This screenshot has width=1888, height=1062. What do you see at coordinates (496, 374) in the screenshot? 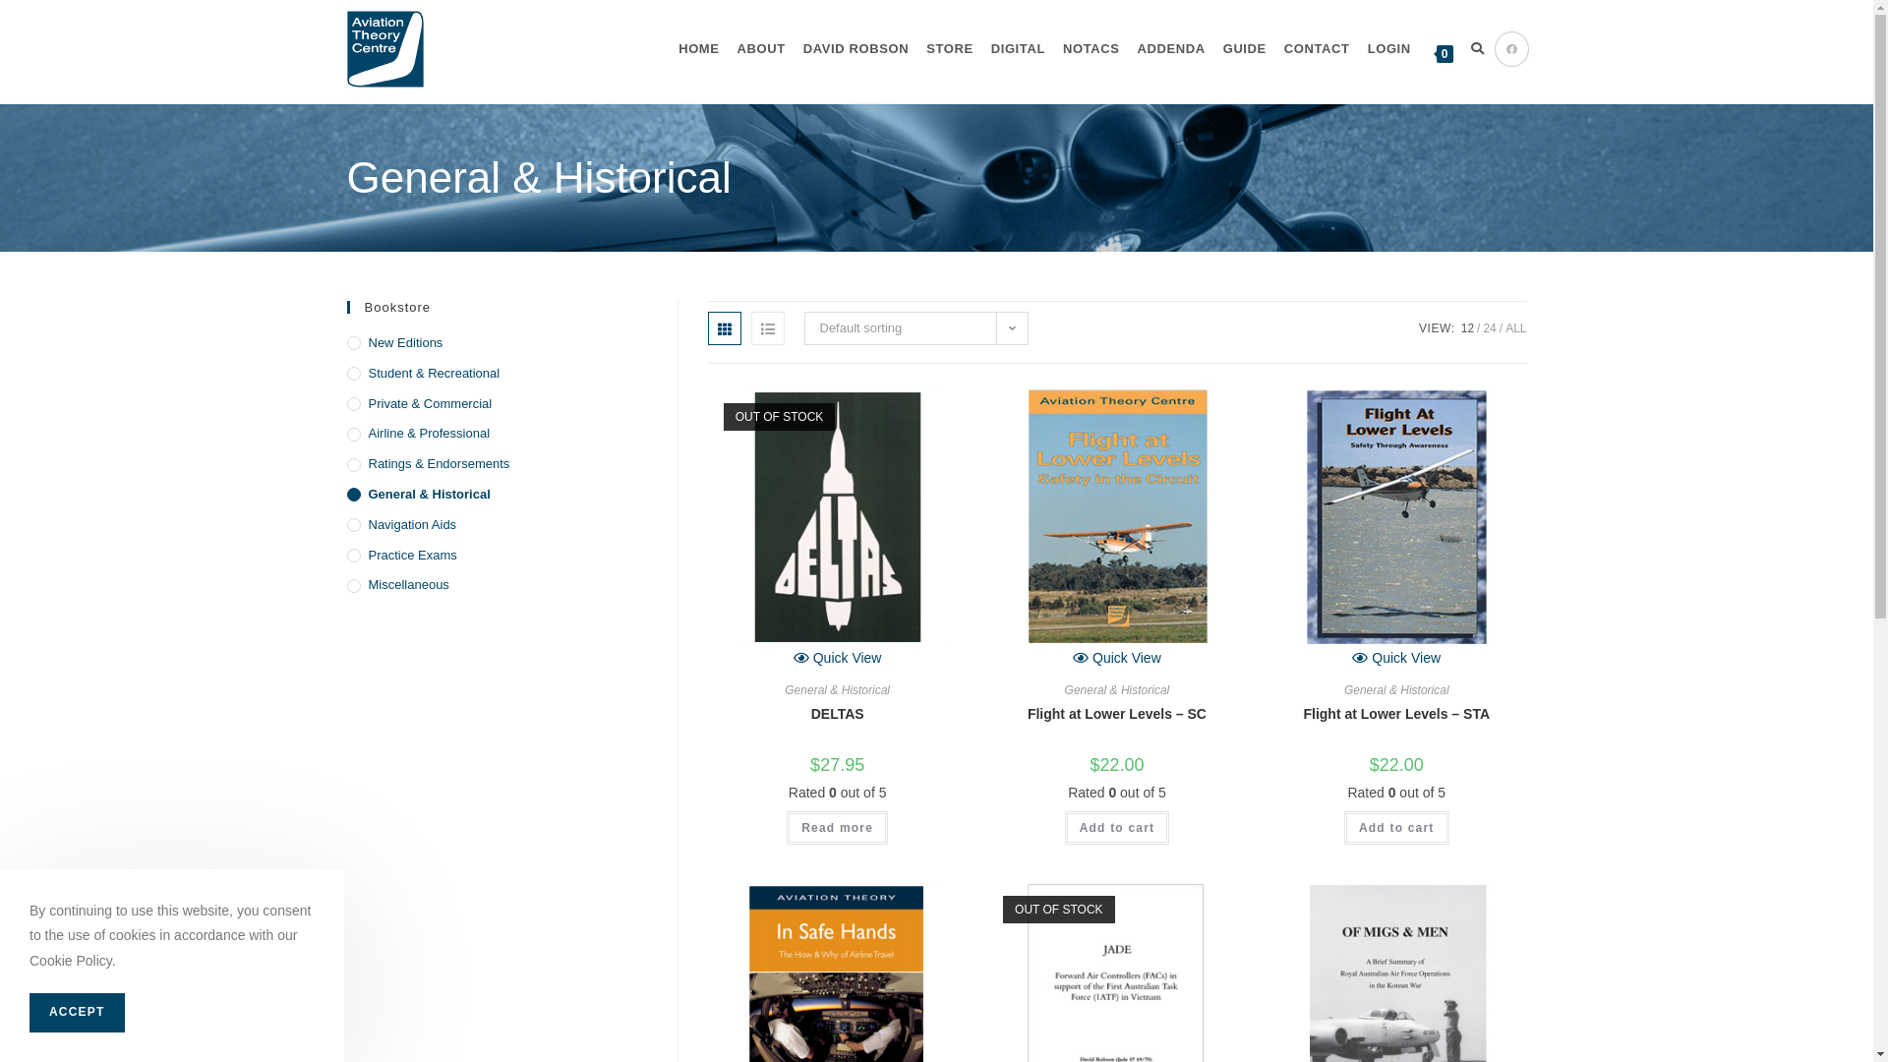
I see `'Student & Recreational'` at bounding box center [496, 374].